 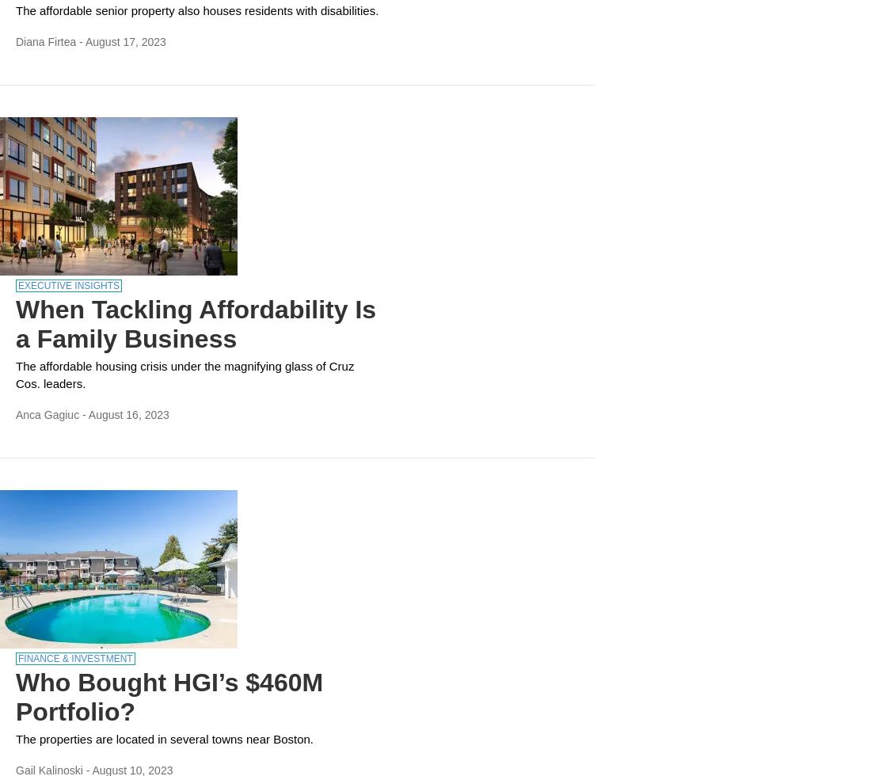 What do you see at coordinates (15, 323) in the screenshot?
I see `'When Tackling Affordability Is a Family Business'` at bounding box center [15, 323].